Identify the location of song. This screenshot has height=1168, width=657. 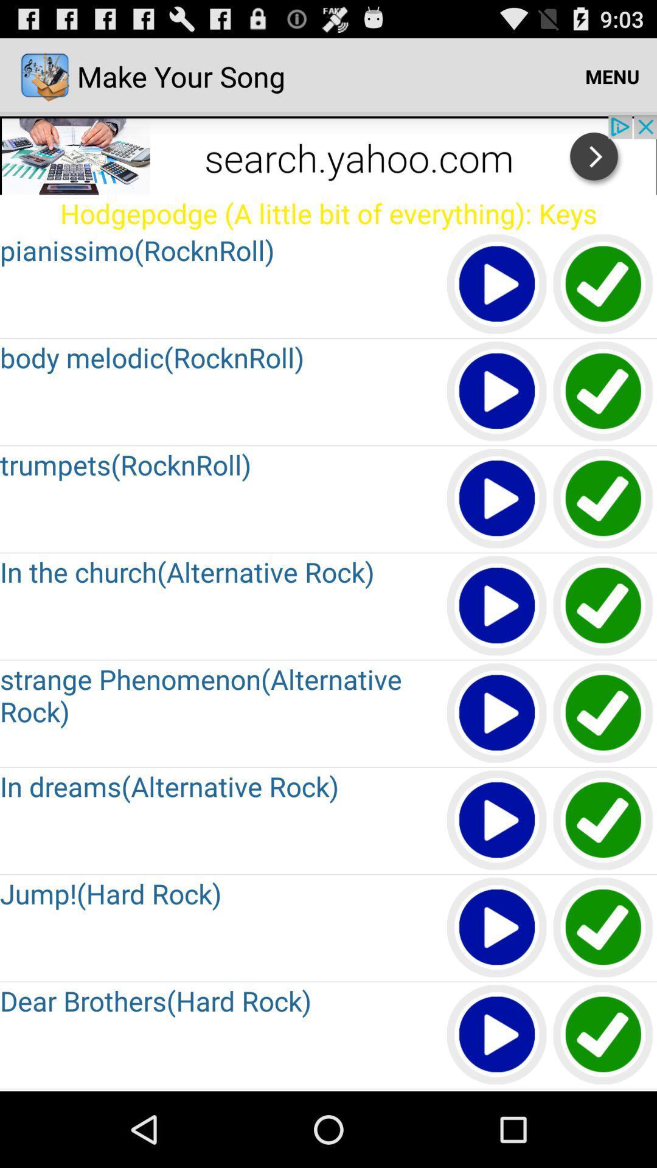
(603, 392).